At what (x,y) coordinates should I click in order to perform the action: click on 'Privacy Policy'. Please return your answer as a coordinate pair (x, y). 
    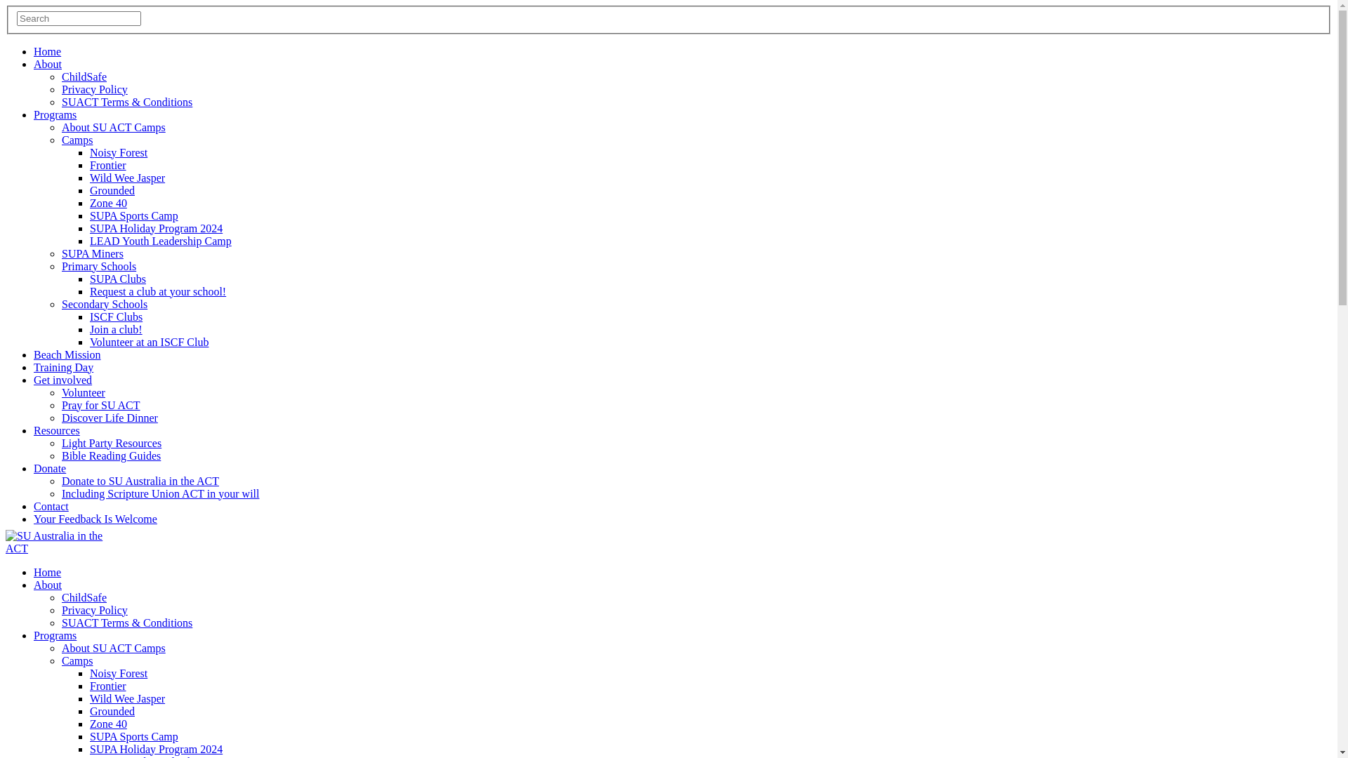
    Looking at the image, I should click on (93, 89).